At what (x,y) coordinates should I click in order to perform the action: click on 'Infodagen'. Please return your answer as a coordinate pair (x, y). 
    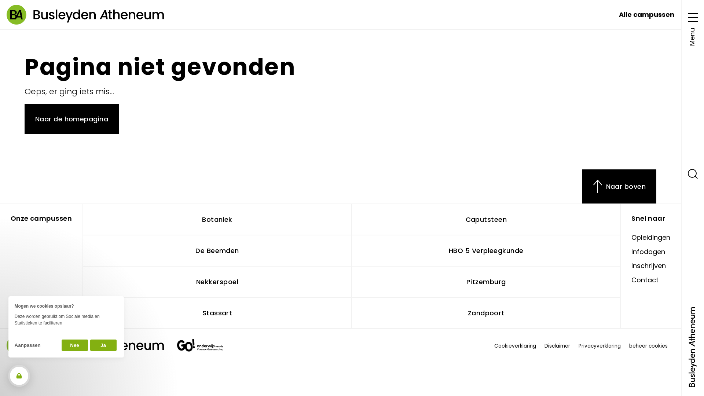
    Looking at the image, I should click on (648, 251).